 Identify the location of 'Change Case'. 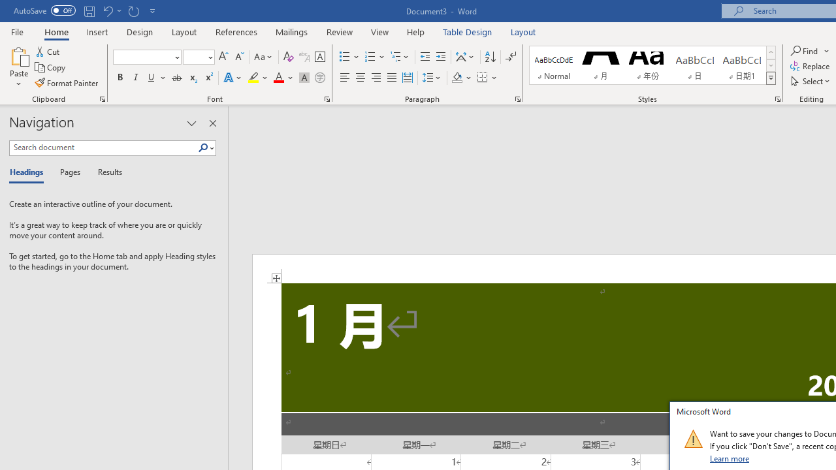
(263, 56).